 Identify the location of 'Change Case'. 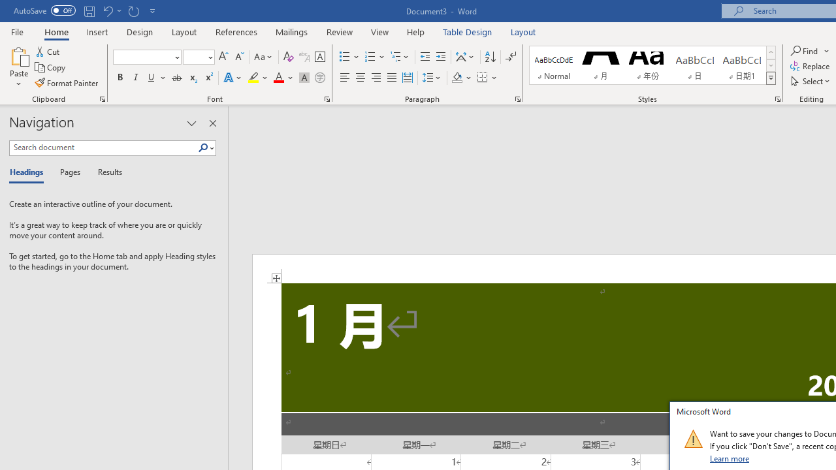
(263, 56).